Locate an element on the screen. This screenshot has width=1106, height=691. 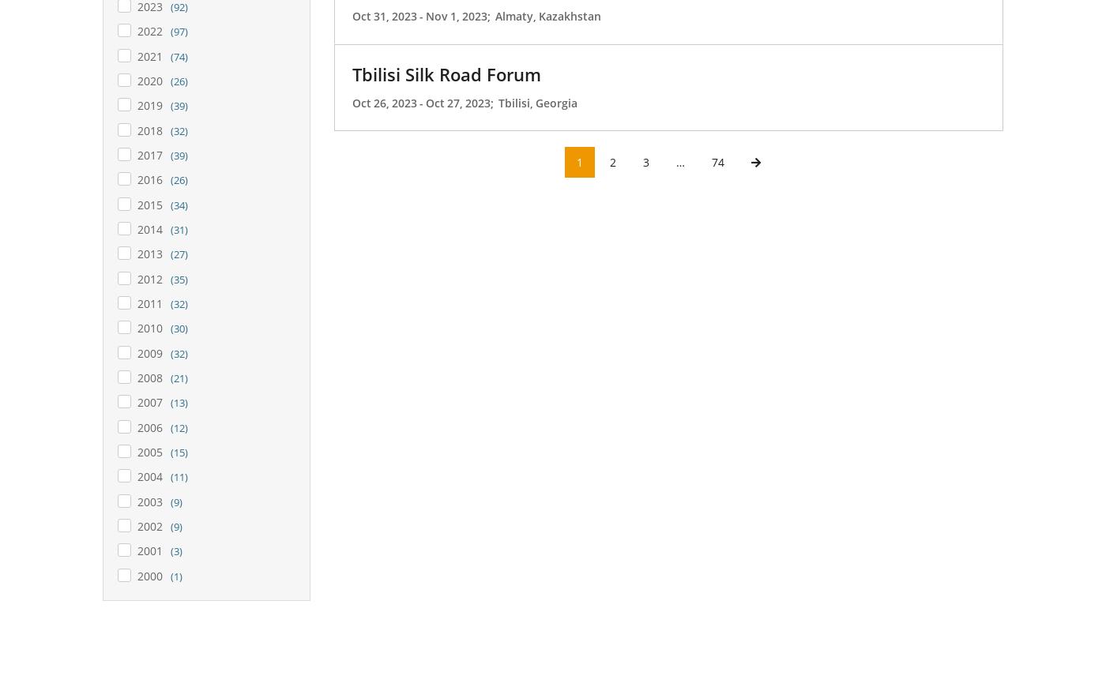
'2022' is located at coordinates (149, 30).